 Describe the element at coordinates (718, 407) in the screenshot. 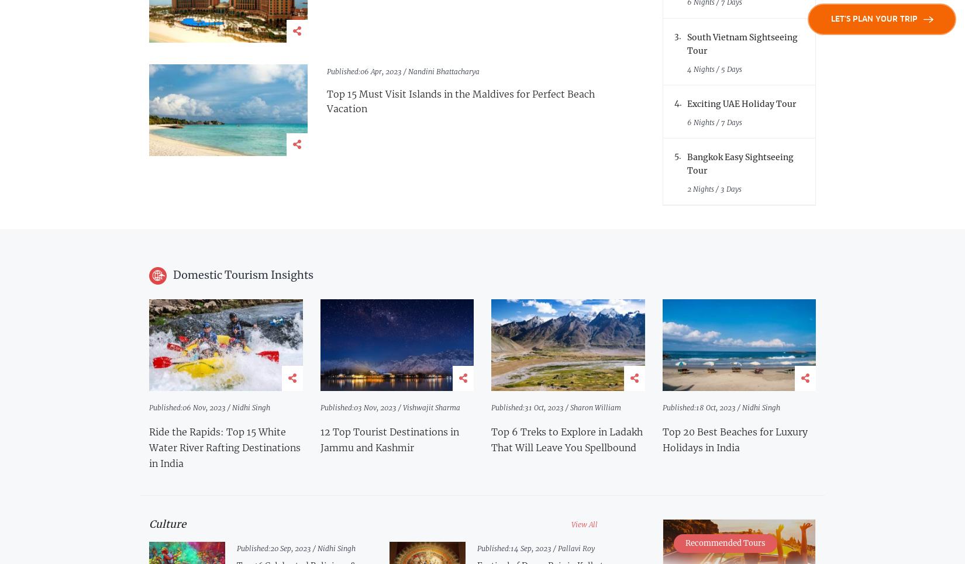

I see `'18 Oct, 2023 /'` at that location.